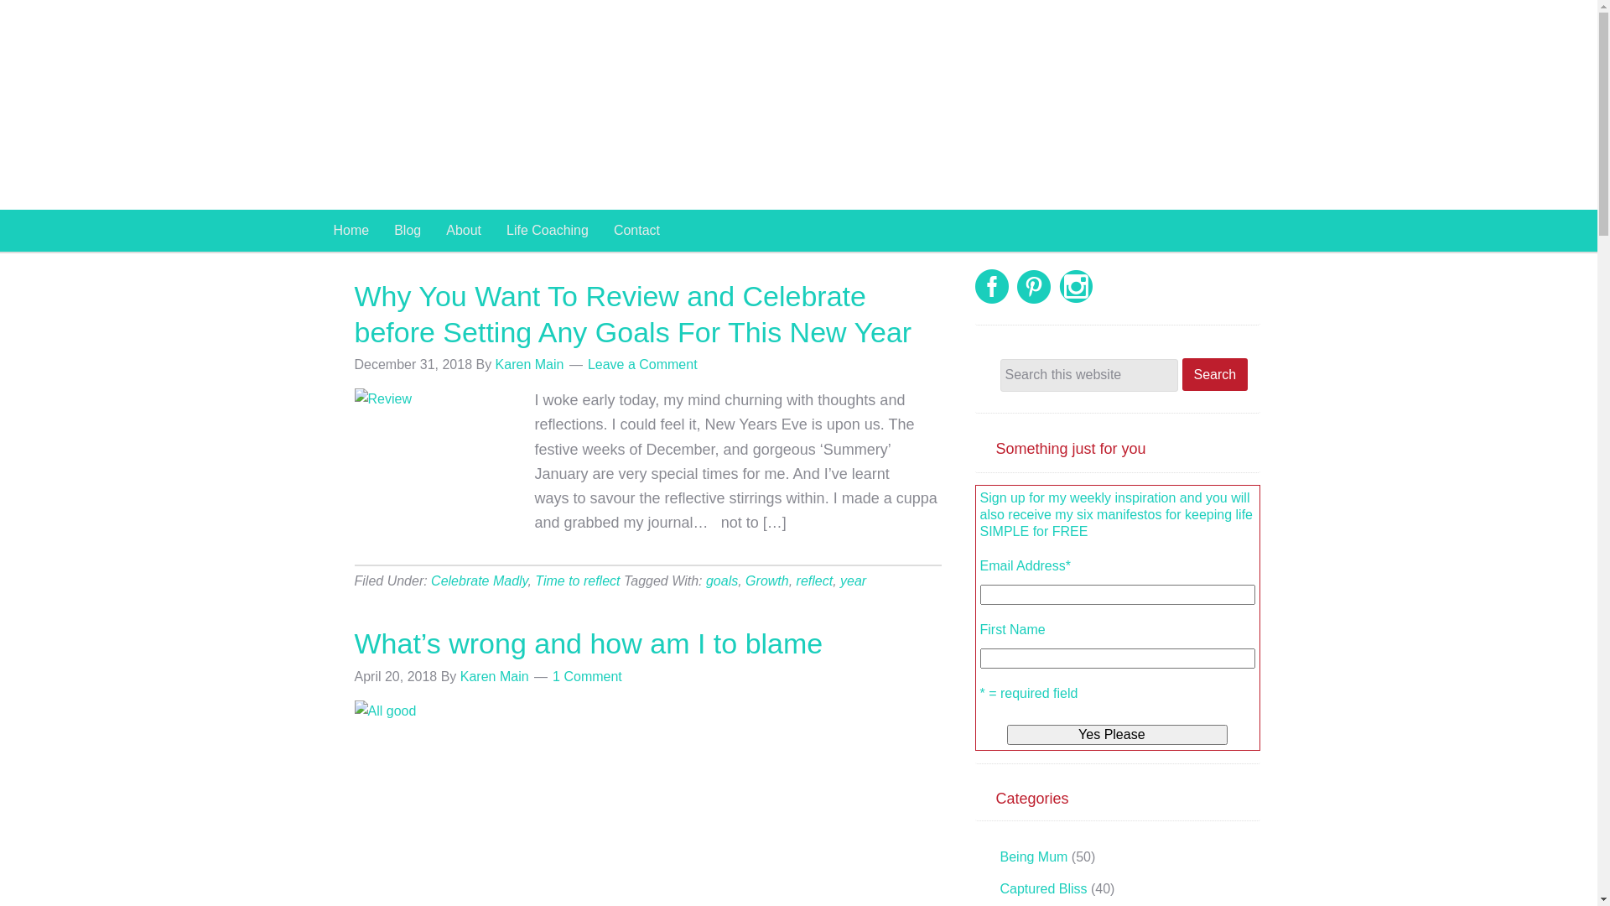 The image size is (1610, 906). I want to click on 'Growth', so click(766, 580).